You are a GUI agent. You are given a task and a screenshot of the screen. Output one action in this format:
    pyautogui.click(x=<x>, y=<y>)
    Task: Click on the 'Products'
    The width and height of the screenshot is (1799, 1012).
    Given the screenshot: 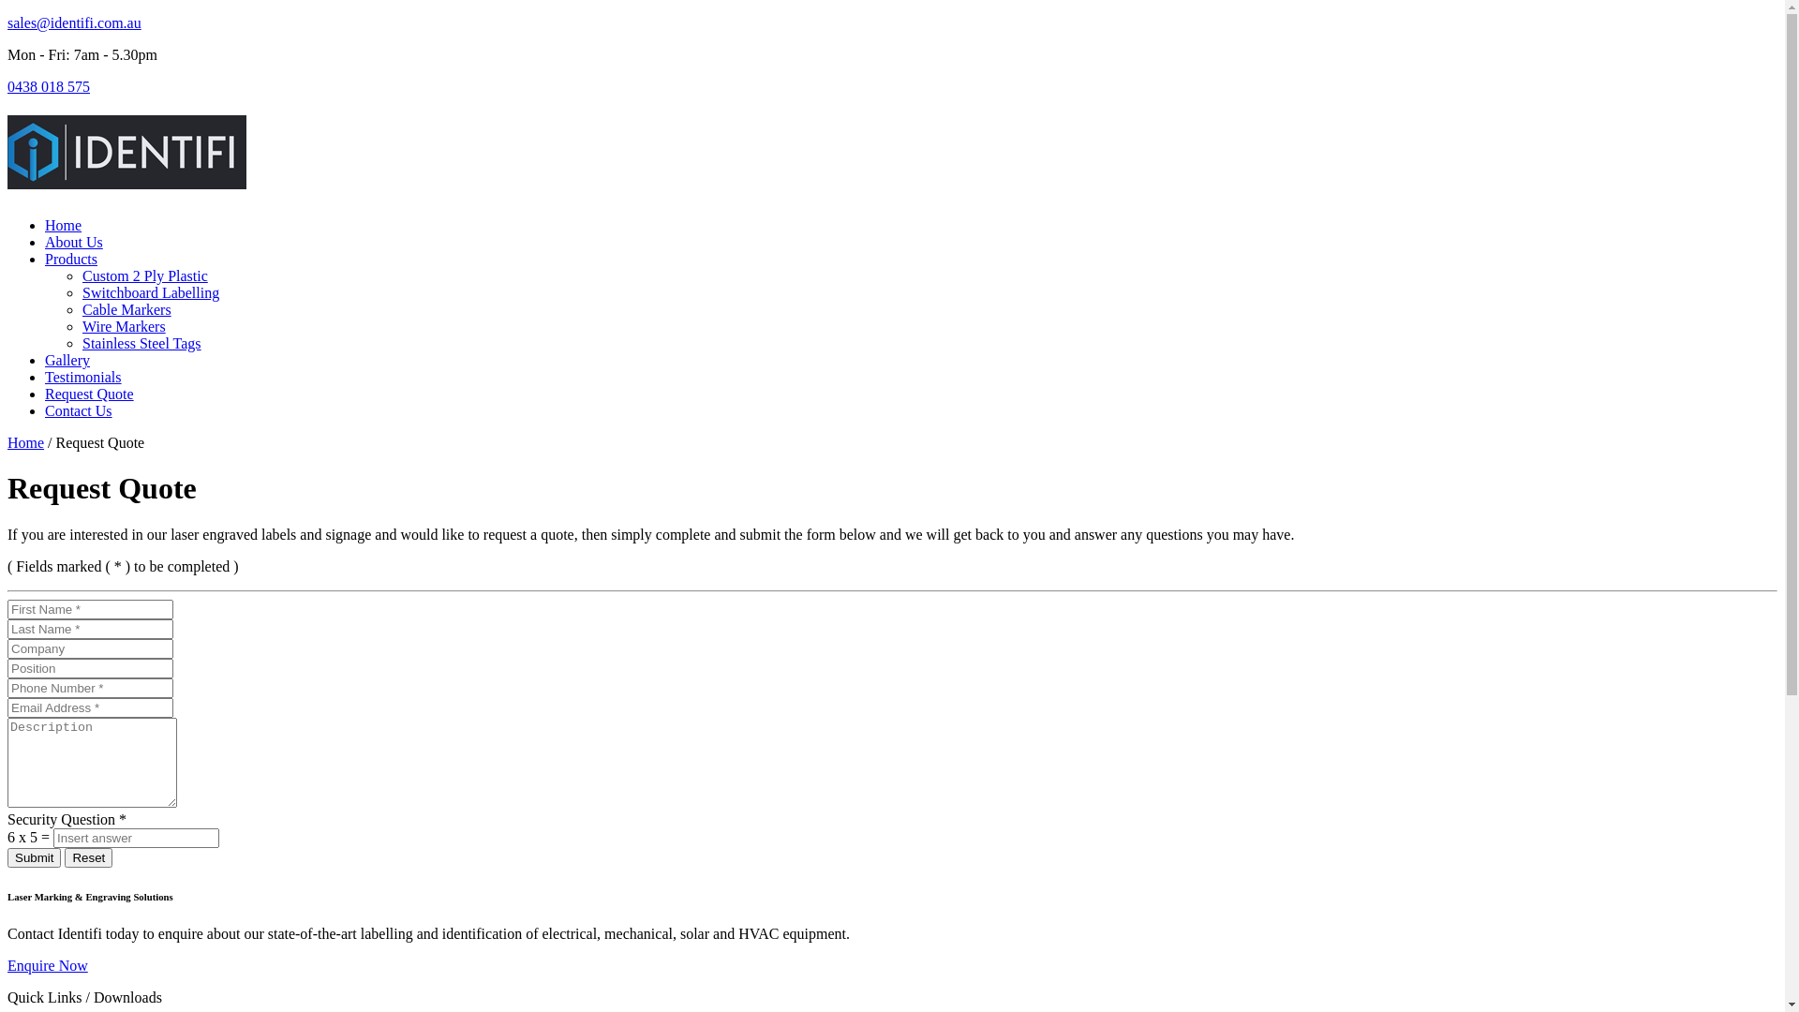 What is the action you would take?
    pyautogui.click(x=71, y=259)
    